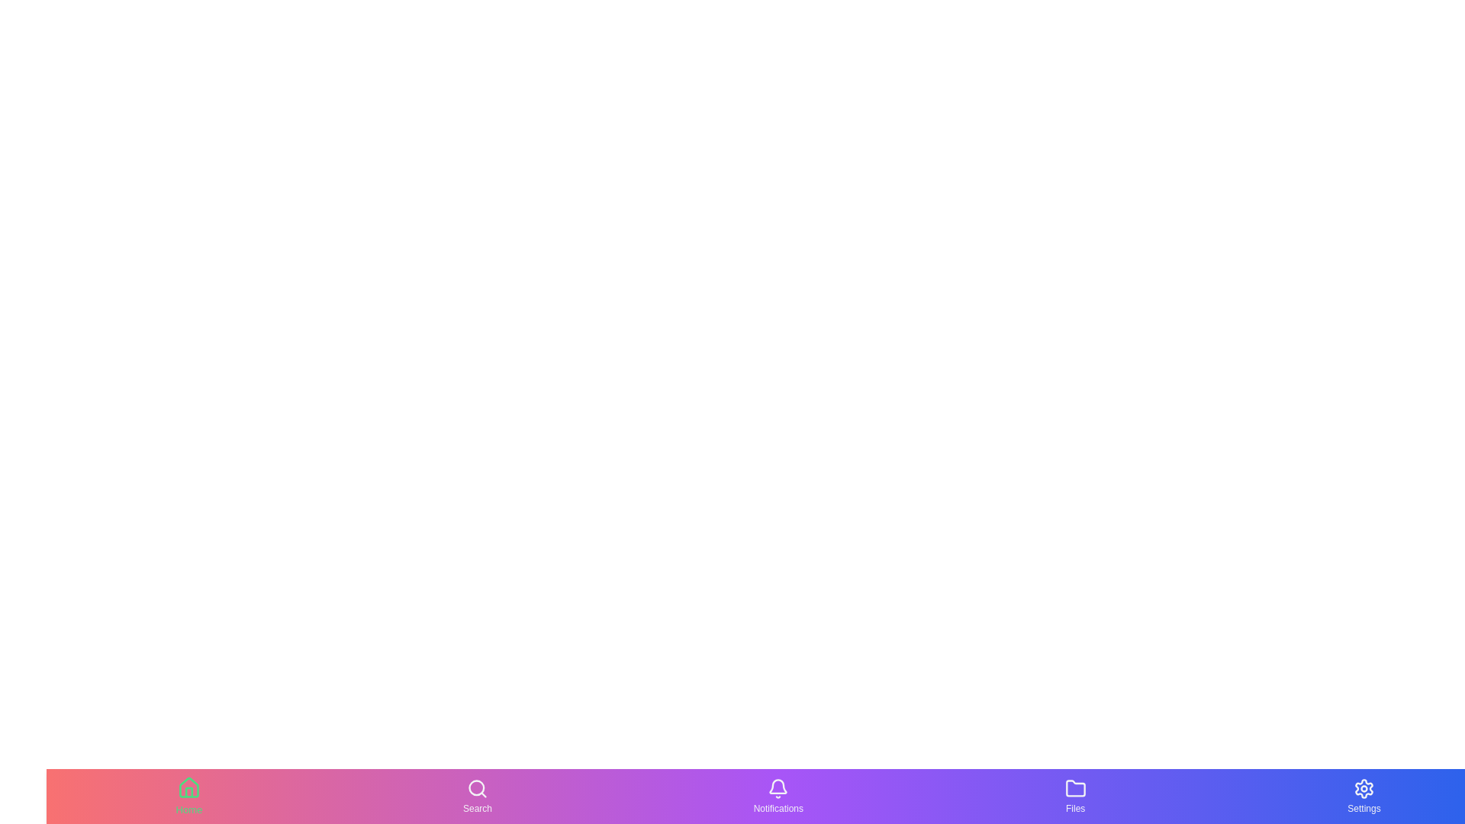  I want to click on the Home tab button to navigate to the corresponding section, so click(188, 796).